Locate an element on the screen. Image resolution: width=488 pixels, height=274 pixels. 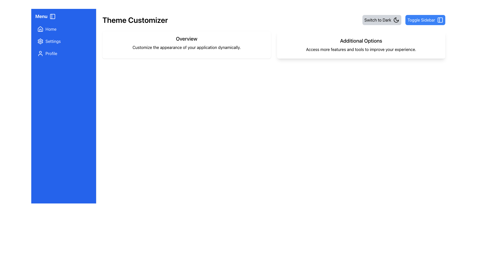
the house-shaped icon in the left vertical navigation bar is located at coordinates (40, 29).